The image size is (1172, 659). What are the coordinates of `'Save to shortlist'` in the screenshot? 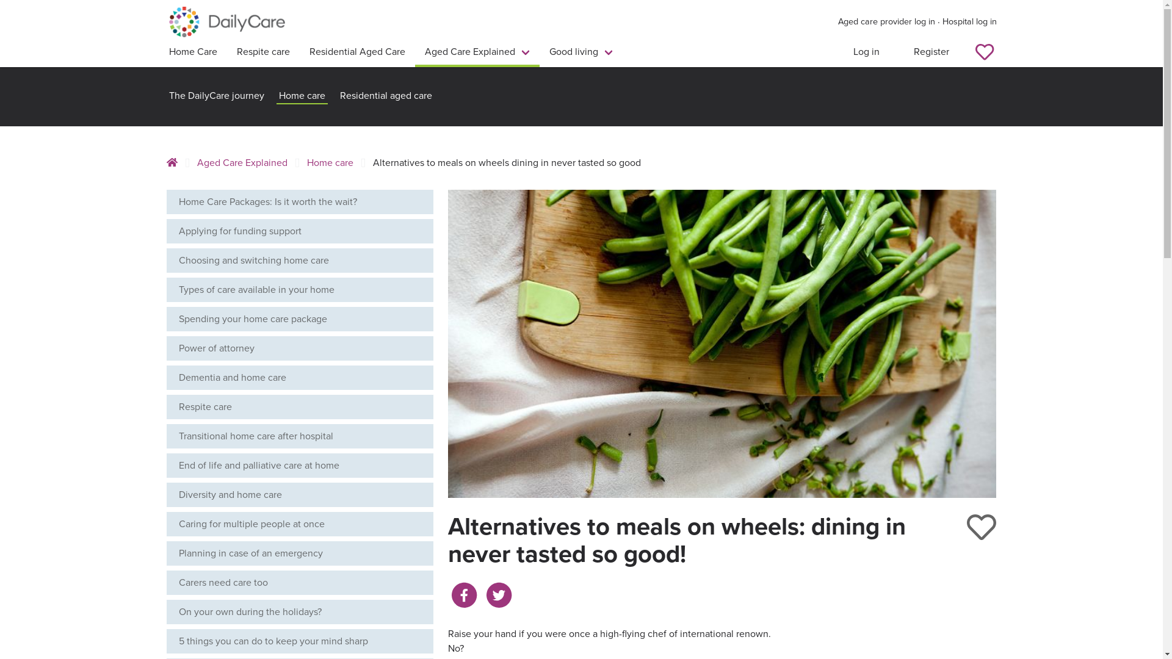 It's located at (982, 527).